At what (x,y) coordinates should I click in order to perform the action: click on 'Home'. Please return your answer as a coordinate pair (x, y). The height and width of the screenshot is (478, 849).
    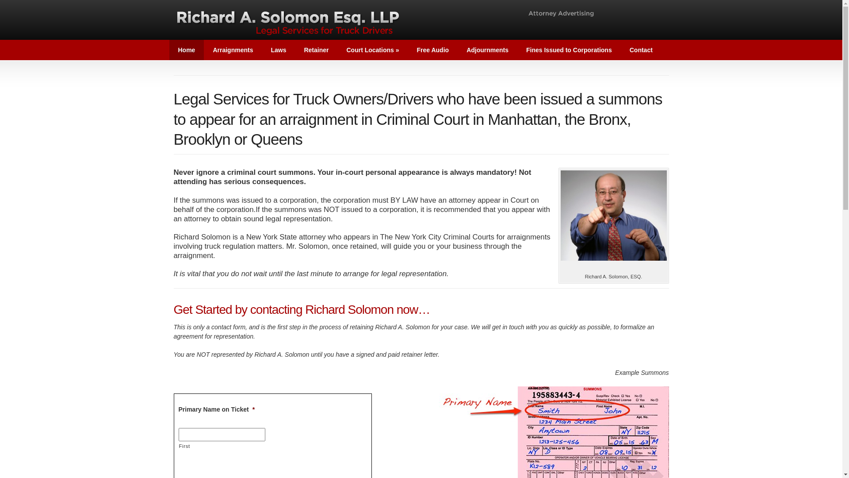
    Looking at the image, I should click on (186, 50).